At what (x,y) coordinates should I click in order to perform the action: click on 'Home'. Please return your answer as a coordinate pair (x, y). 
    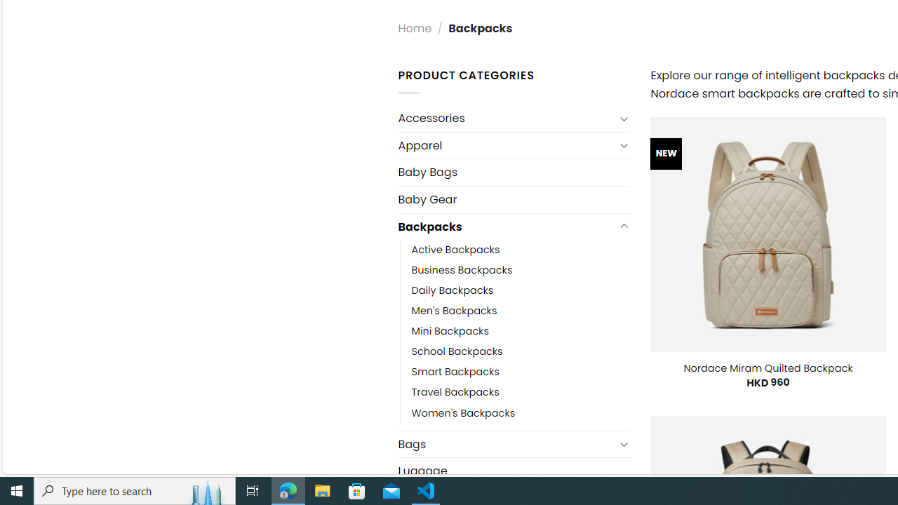
    Looking at the image, I should click on (414, 27).